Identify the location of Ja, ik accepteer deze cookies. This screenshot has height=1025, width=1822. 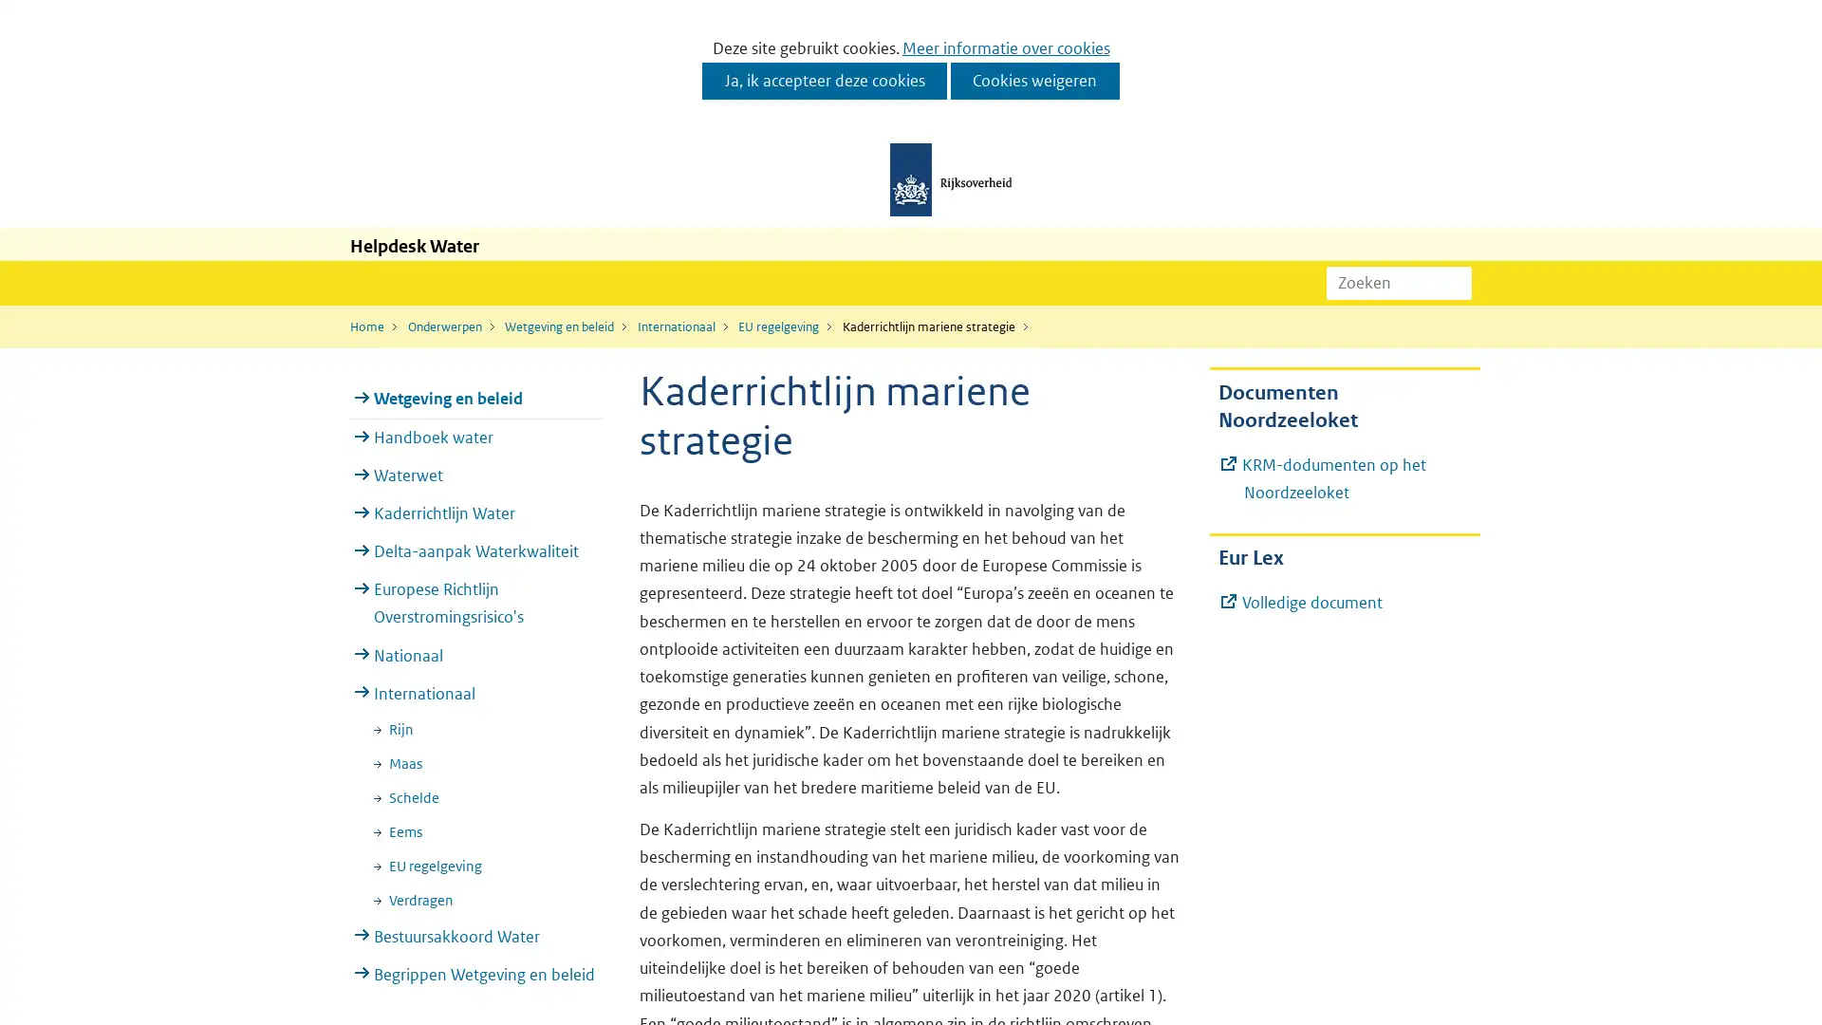
(824, 80).